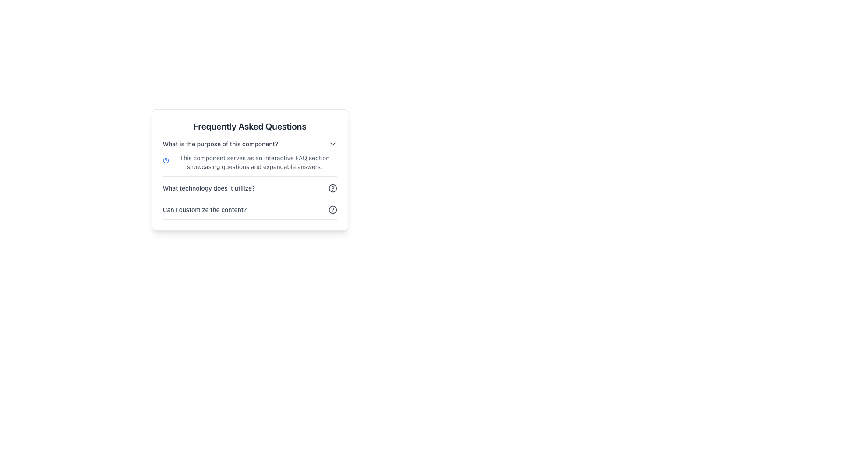 This screenshot has width=841, height=473. I want to click on the Text Label that serves as a title or question in the FAQ section, which is positioned to the left of a circular question mark icon, so click(204, 209).